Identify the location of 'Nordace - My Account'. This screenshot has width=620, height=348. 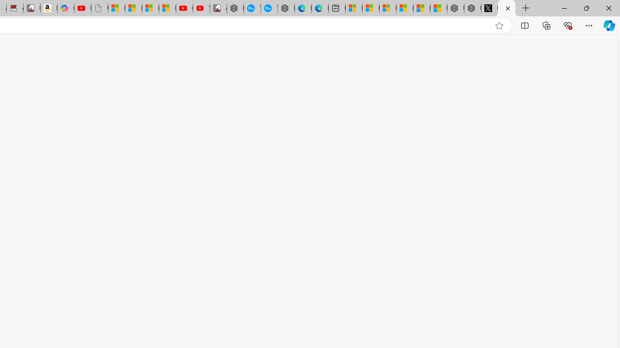
(235, 8).